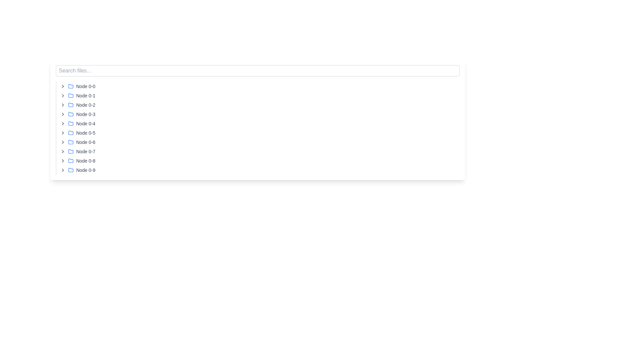  What do you see at coordinates (63, 161) in the screenshot?
I see `the chevron icon located on the far-left side of the 'Node 0-8' label` at bounding box center [63, 161].